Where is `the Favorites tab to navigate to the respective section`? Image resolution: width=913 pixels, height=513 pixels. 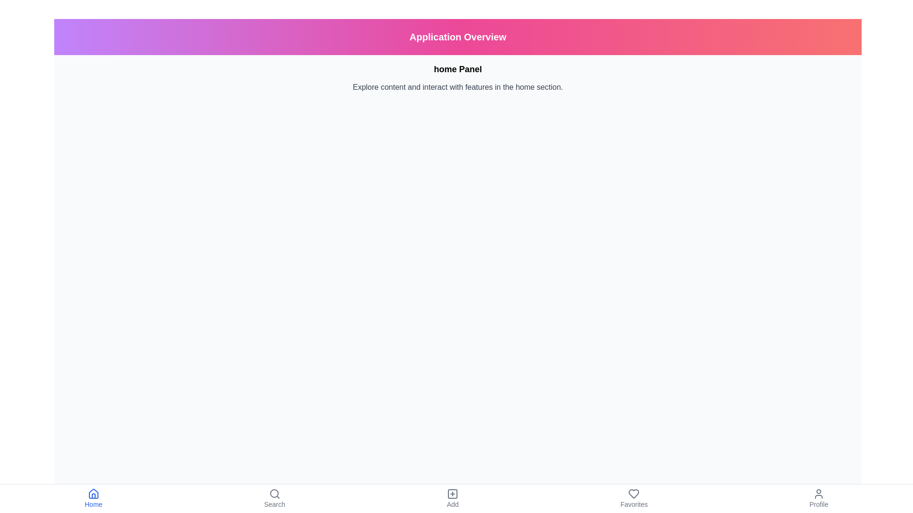 the Favorites tab to navigate to the respective section is located at coordinates (634, 498).